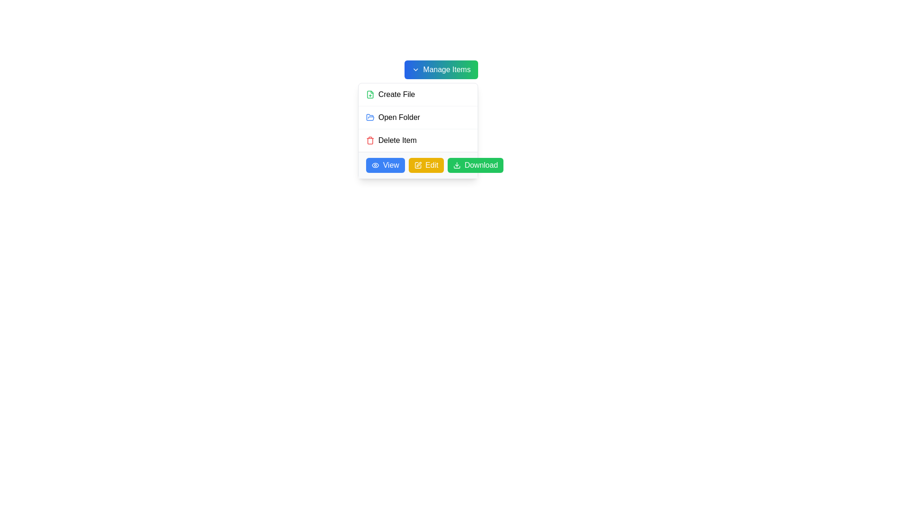 Image resolution: width=900 pixels, height=506 pixels. What do you see at coordinates (370, 117) in the screenshot?
I see `the 'Open Folder' graphical icon, which is a modern icon depicted as an open folder in vibrant colors, located within the dropdown menu under the 'Manage Items' button` at bounding box center [370, 117].